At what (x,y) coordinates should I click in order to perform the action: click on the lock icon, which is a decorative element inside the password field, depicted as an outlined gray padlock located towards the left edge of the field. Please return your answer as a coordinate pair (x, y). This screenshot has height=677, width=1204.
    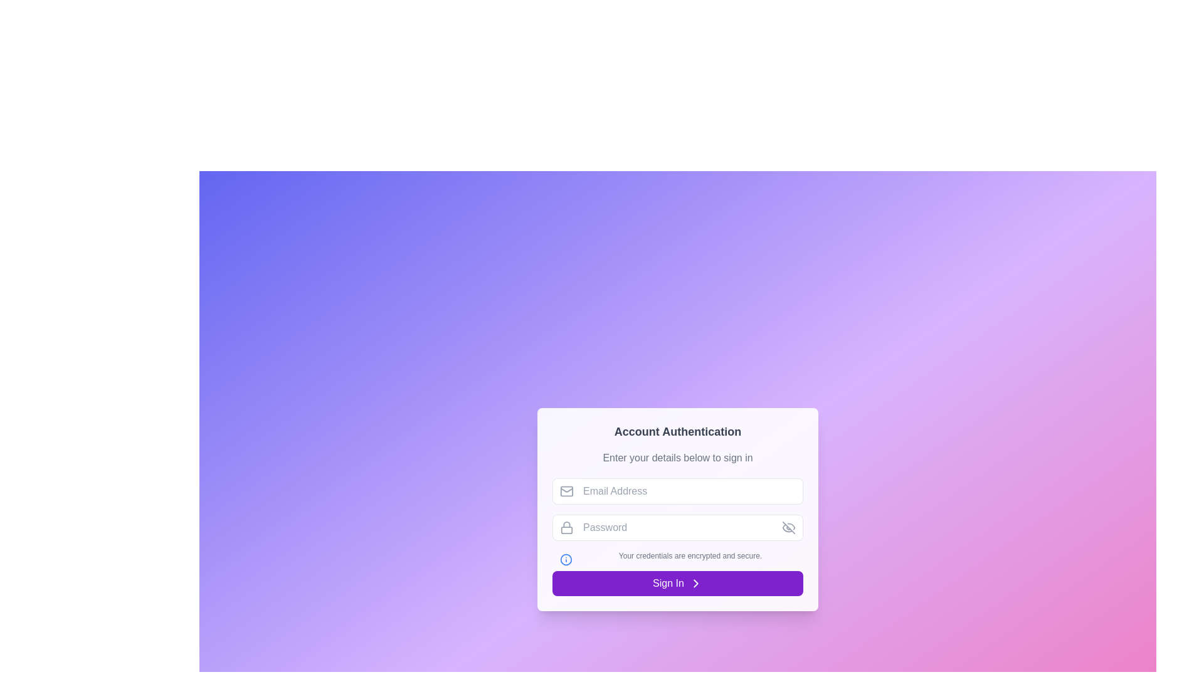
    Looking at the image, I should click on (566, 527).